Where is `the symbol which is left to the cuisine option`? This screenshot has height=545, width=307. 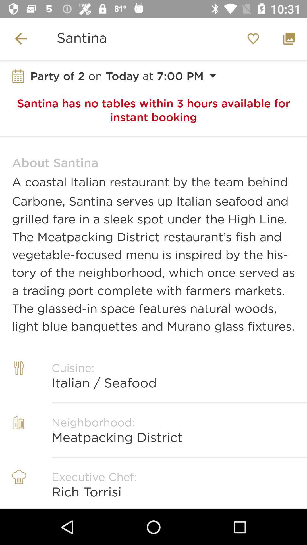 the symbol which is left to the cuisine option is located at coordinates (18, 381).